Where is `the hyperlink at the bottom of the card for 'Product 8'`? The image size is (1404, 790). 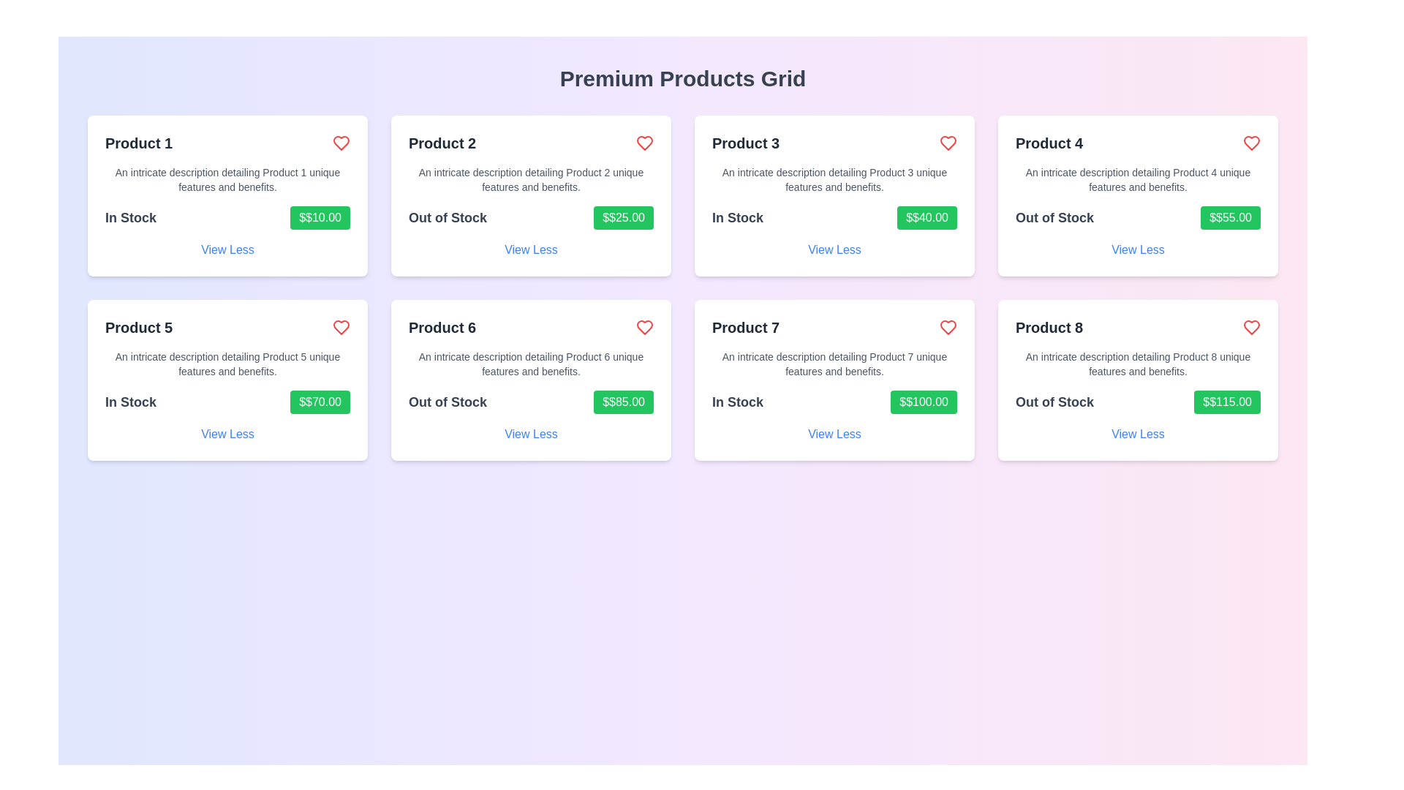
the hyperlink at the bottom of the card for 'Product 8' is located at coordinates (1137, 434).